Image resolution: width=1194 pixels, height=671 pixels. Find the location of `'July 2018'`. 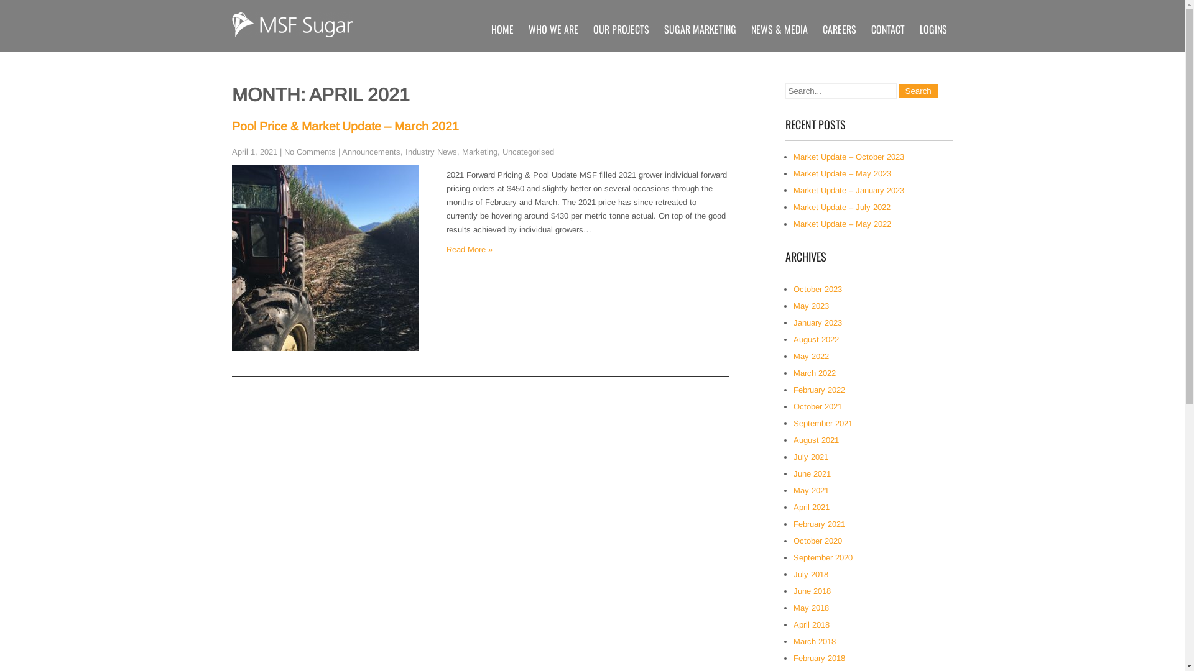

'July 2018' is located at coordinates (811, 574).